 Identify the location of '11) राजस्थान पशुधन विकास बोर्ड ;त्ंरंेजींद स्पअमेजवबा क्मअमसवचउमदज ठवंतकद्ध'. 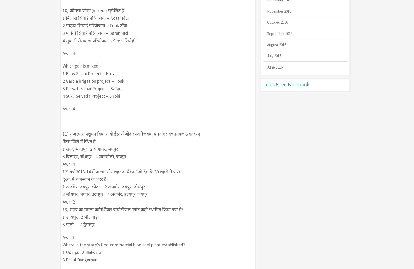
(131, 134).